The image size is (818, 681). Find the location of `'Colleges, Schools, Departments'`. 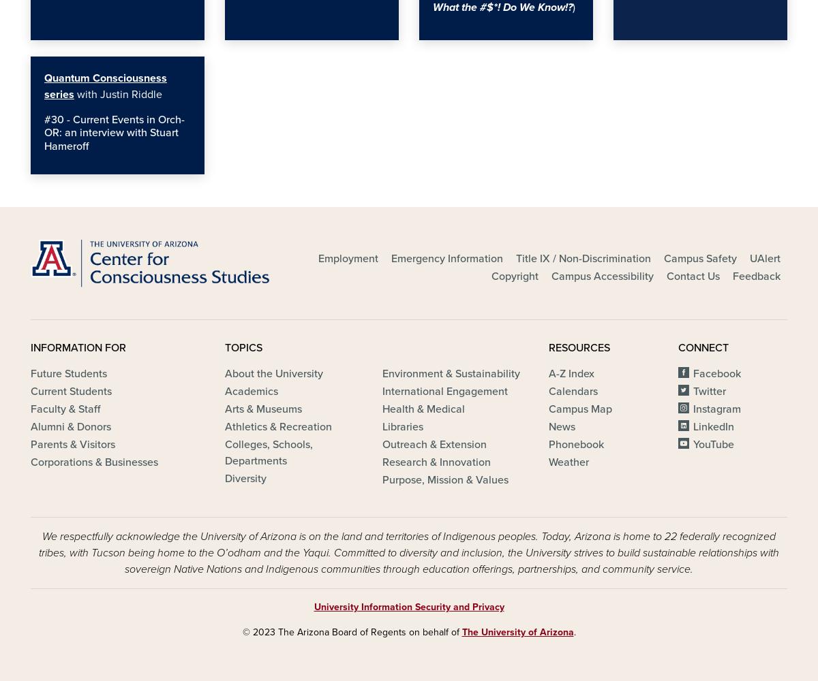

'Colleges, Schools, Departments' is located at coordinates (269, 453).